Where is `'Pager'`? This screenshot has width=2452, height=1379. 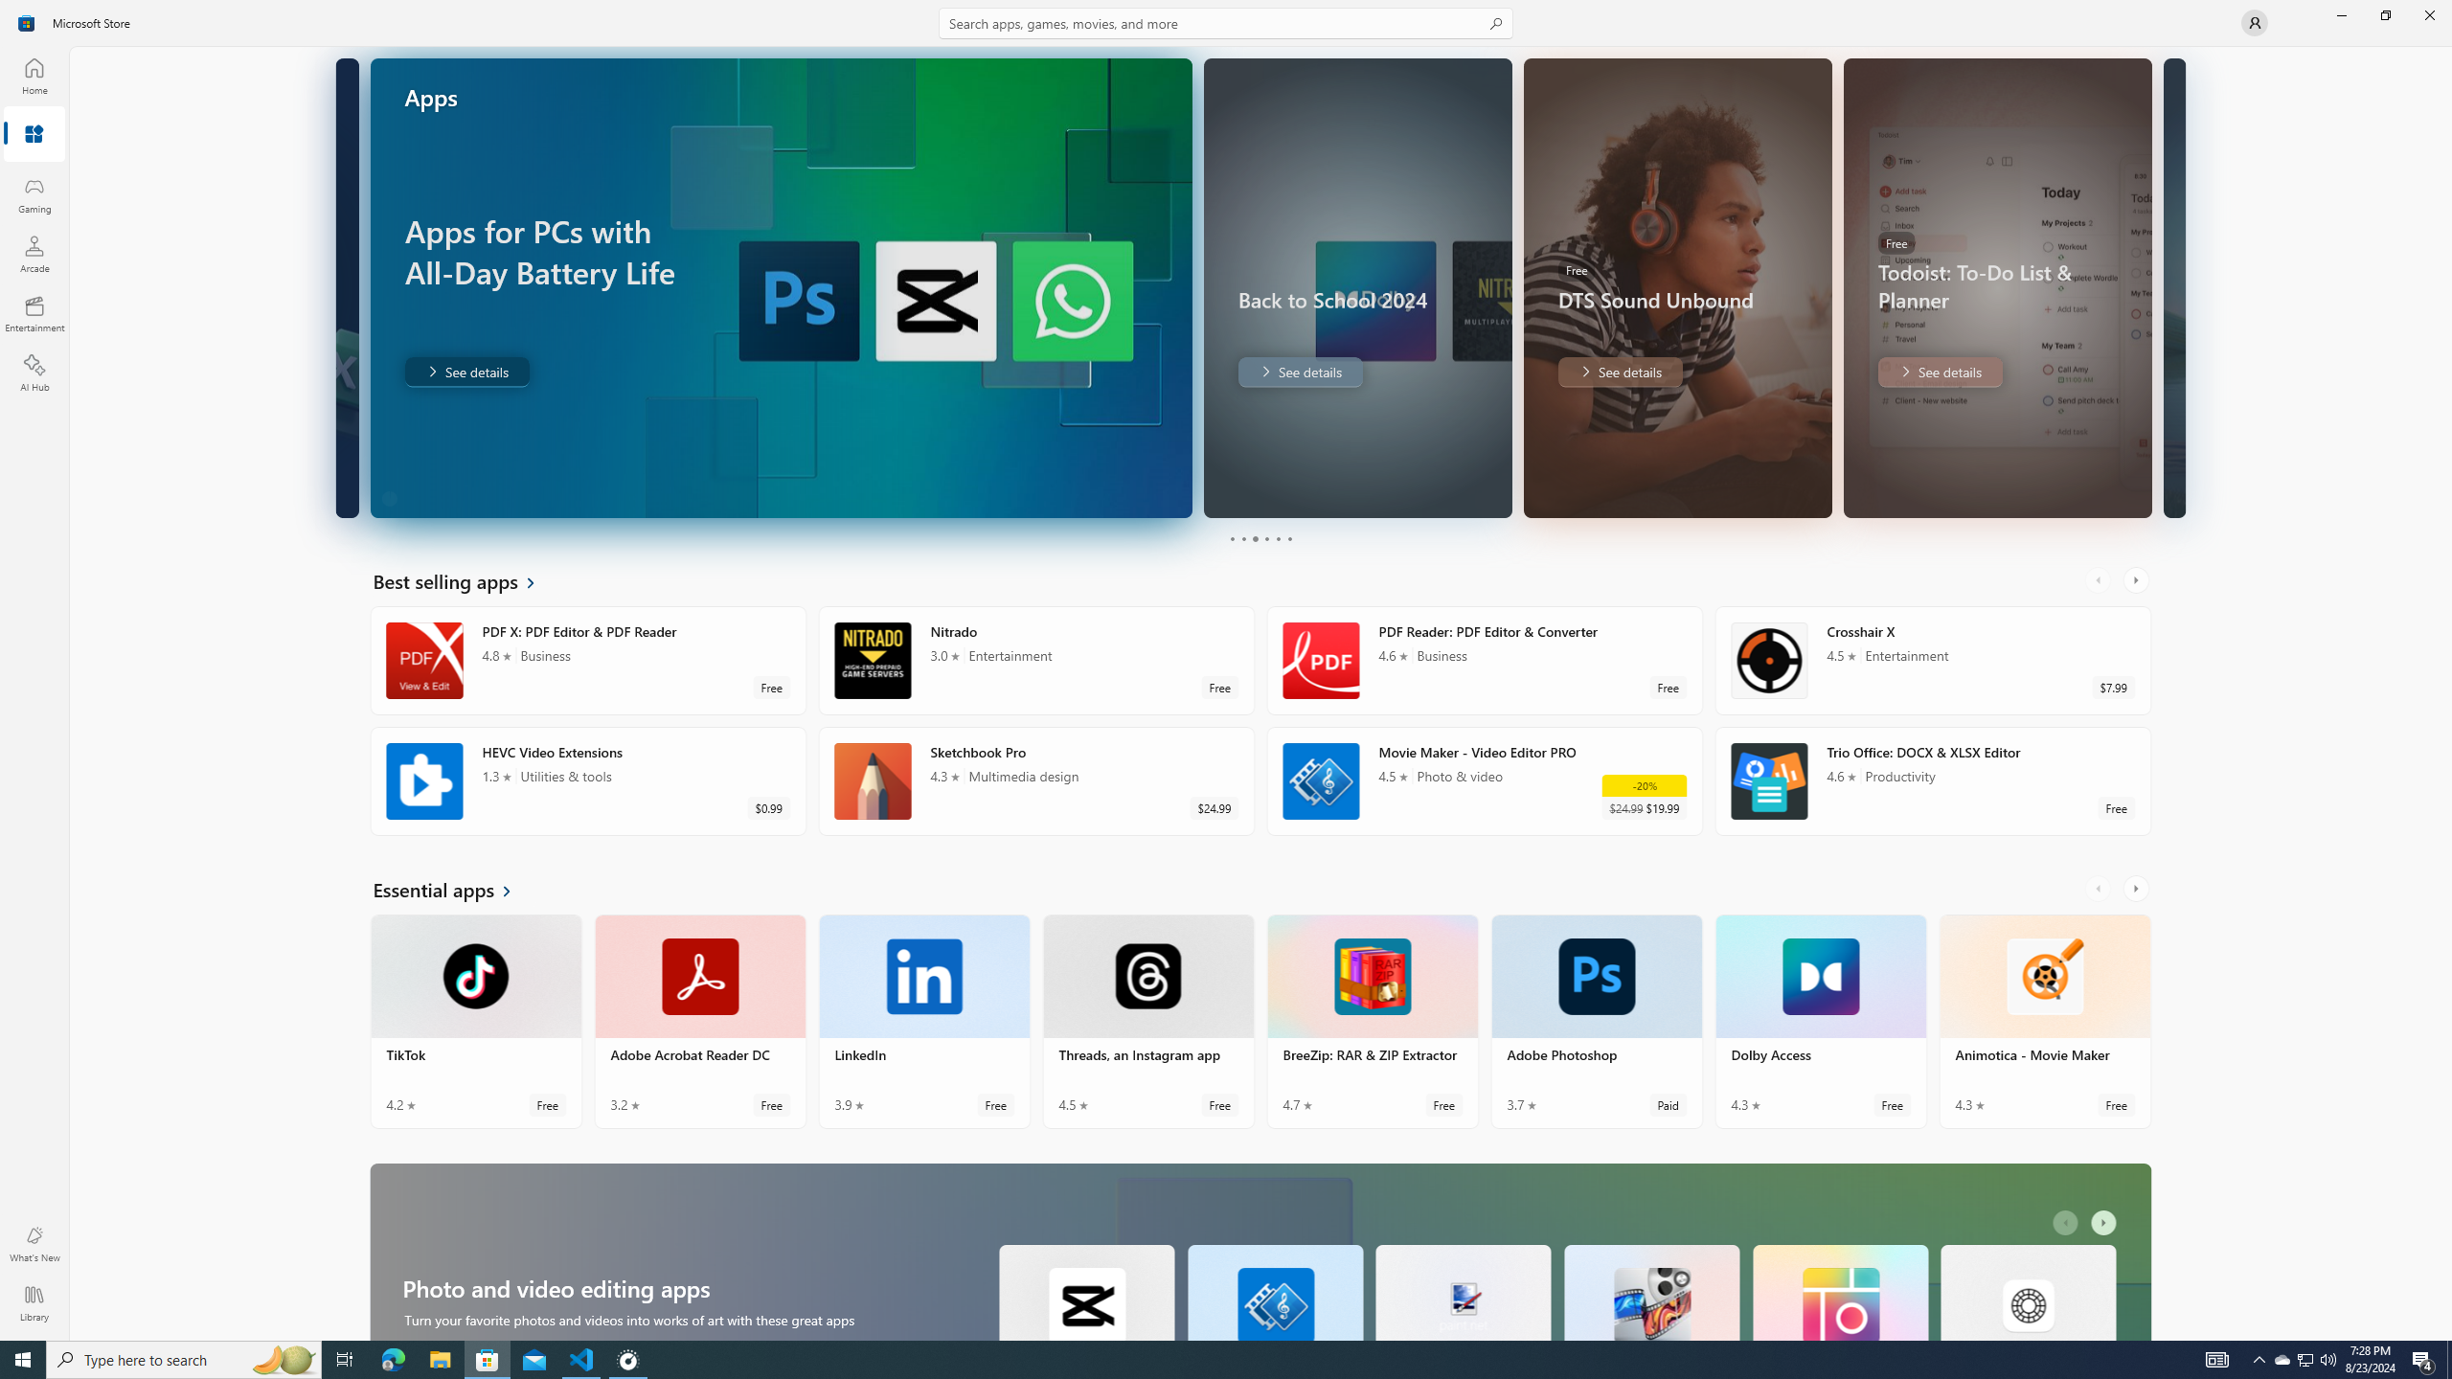 'Pager' is located at coordinates (1259, 538).